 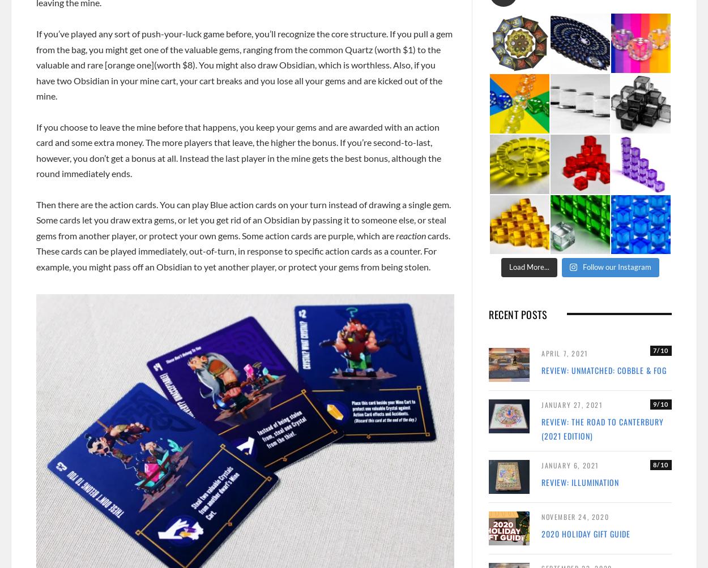 I want to click on 'Review: The Road to Canterbury (2021 Edition)', so click(x=602, y=428).